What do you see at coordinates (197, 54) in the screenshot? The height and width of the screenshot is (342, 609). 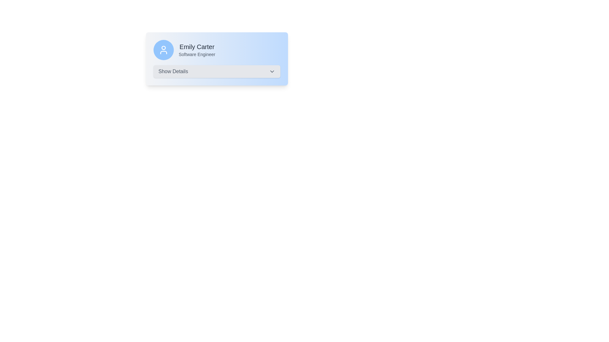 I see `the static text label displaying 'Software Engineer', which is located directly beneath 'Emily Carter' within a blue card-like component` at bounding box center [197, 54].